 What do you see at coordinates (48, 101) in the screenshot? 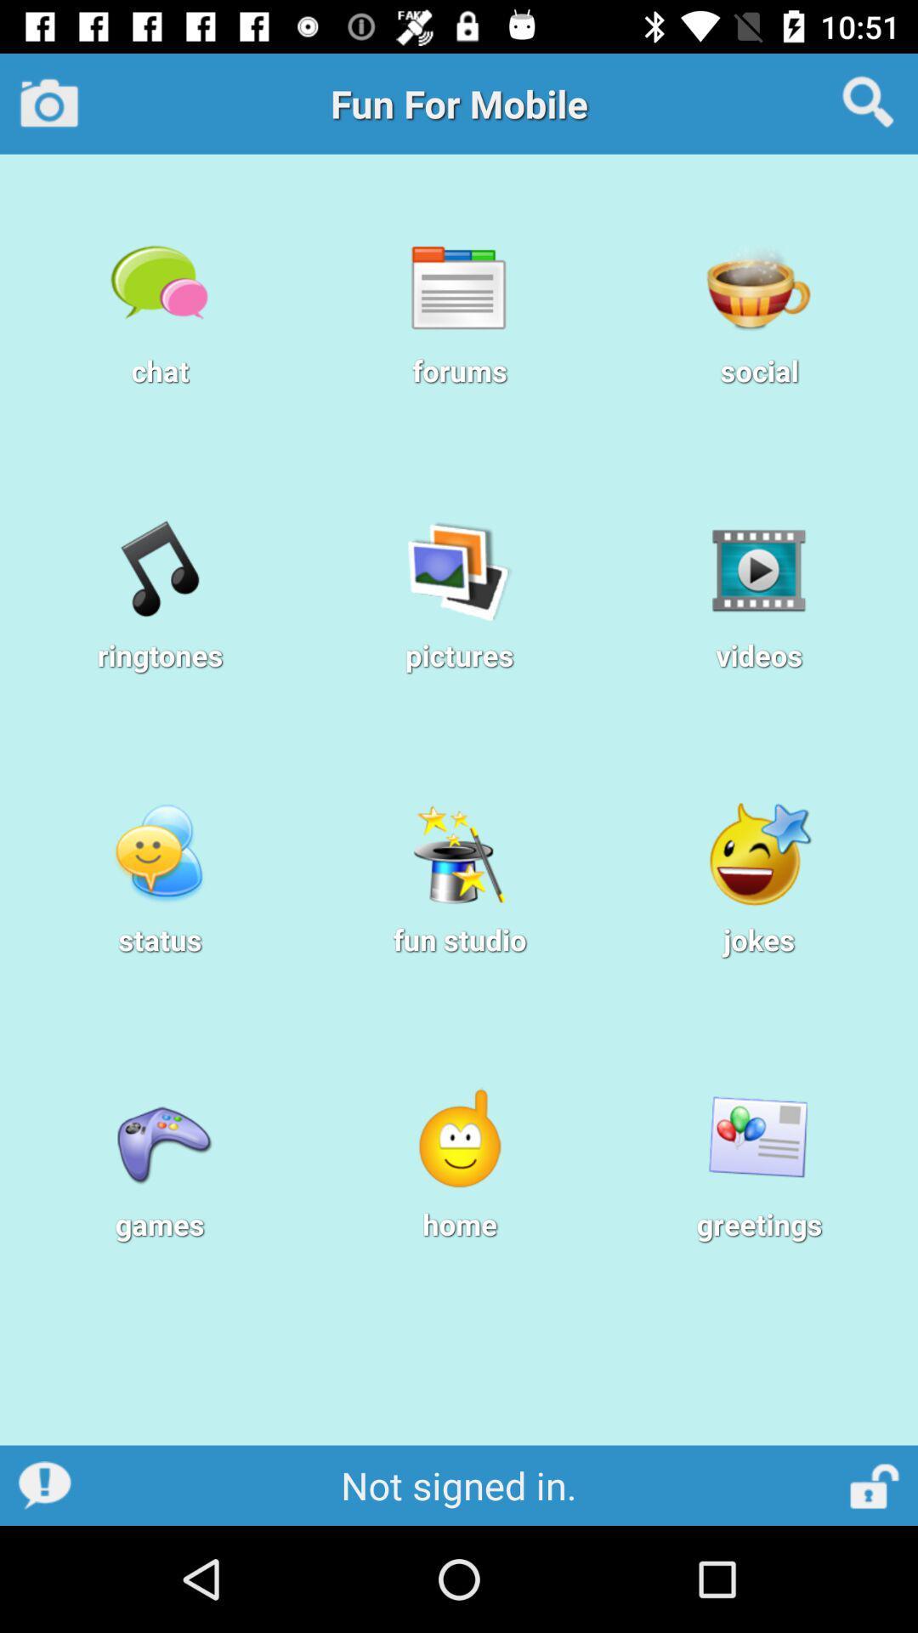
I see `the camera icon` at bounding box center [48, 101].